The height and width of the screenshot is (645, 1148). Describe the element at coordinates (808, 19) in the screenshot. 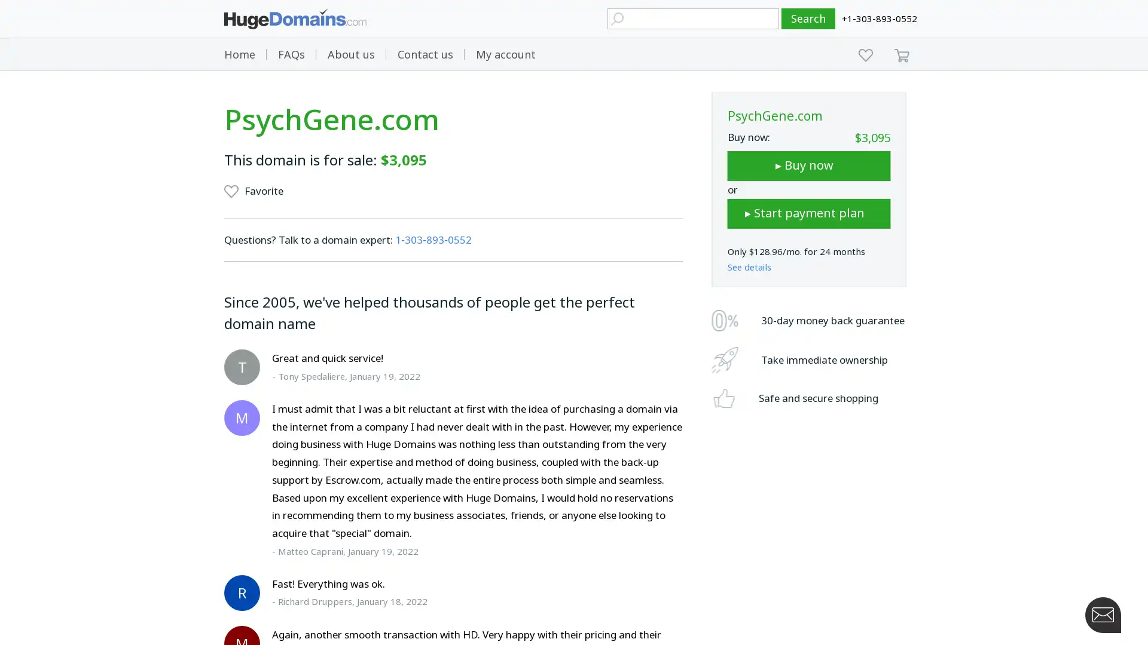

I see `Search` at that location.